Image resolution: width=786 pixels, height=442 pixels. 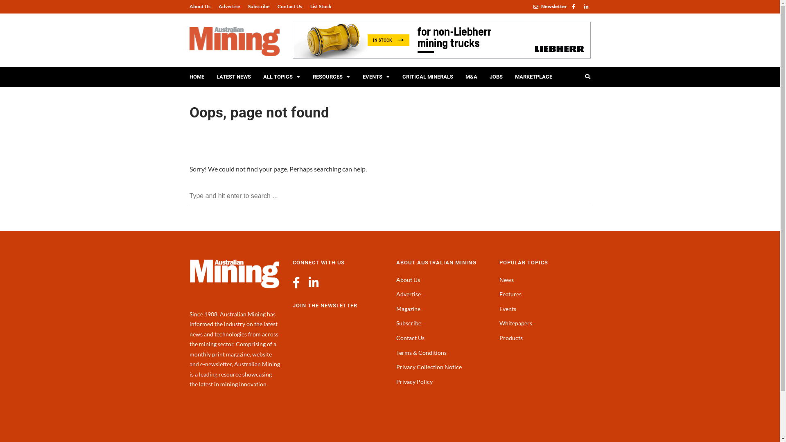 What do you see at coordinates (408, 309) in the screenshot?
I see `'Magazine'` at bounding box center [408, 309].